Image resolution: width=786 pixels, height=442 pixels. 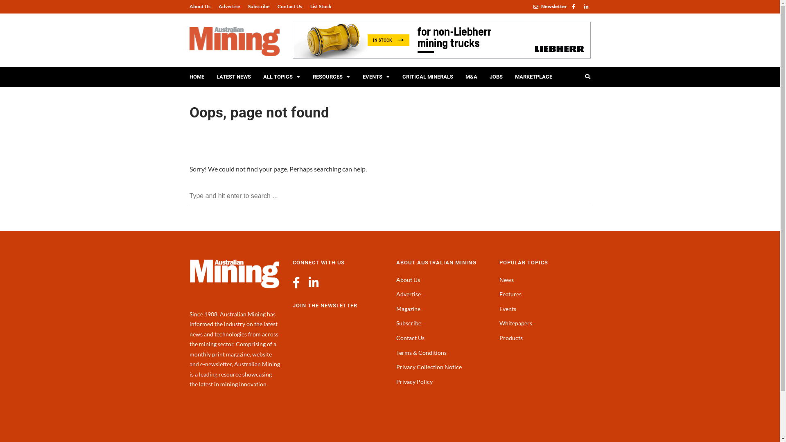 What do you see at coordinates (408, 309) in the screenshot?
I see `'Magazine'` at bounding box center [408, 309].